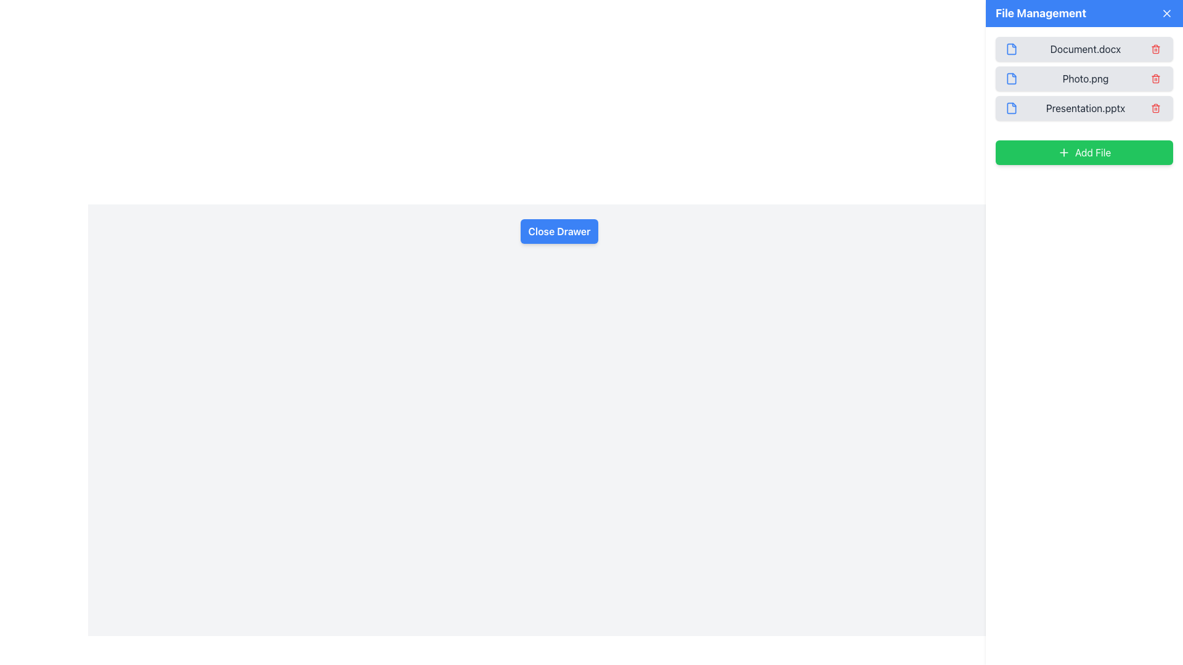 This screenshot has height=665, width=1183. What do you see at coordinates (1011, 78) in the screenshot?
I see `the decorative icon indicating the file named 'Photo.png', which is the first item in the row adjacent to the text label 'Photo.png'` at bounding box center [1011, 78].